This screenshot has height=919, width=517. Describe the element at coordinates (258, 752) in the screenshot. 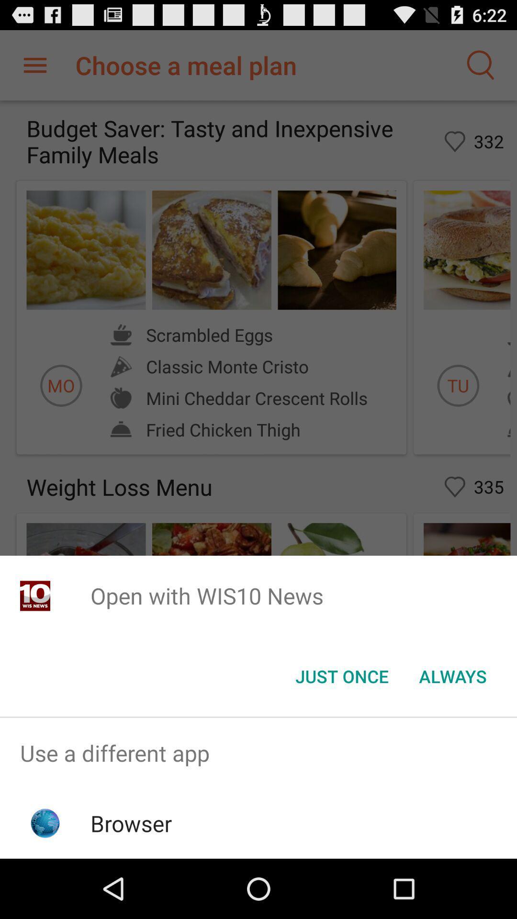

I see `the use a different app` at that location.